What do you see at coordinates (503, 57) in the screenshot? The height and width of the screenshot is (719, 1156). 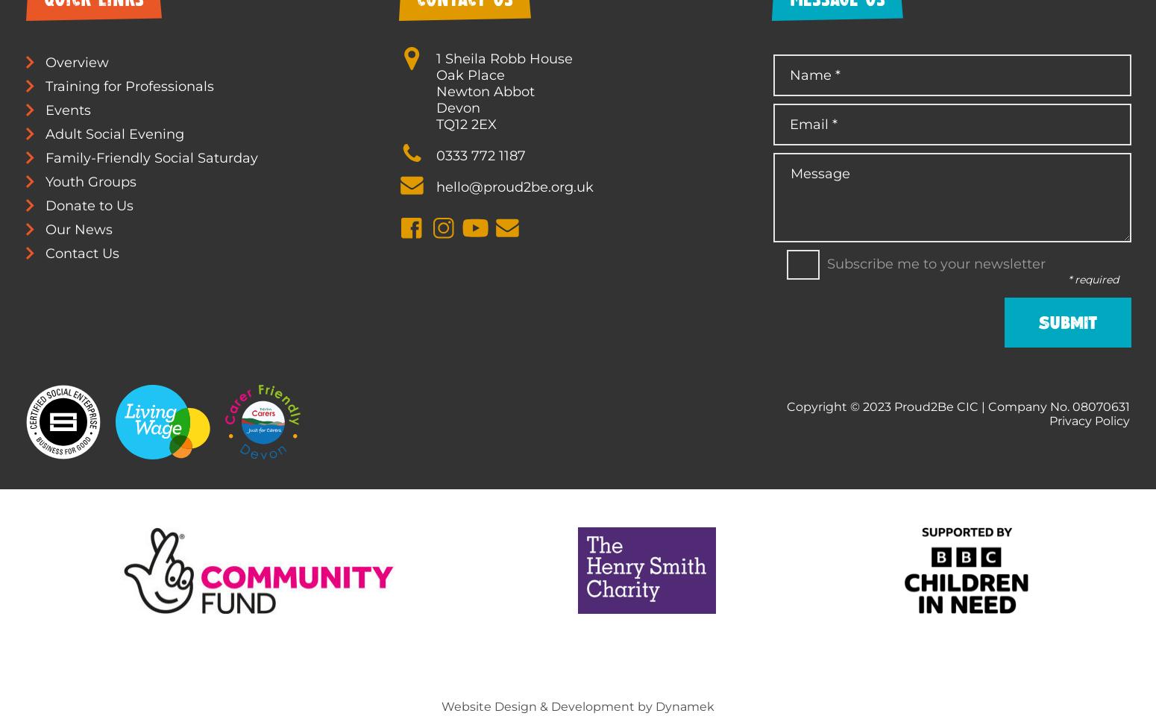 I see `'1 Sheila Robb House'` at bounding box center [503, 57].